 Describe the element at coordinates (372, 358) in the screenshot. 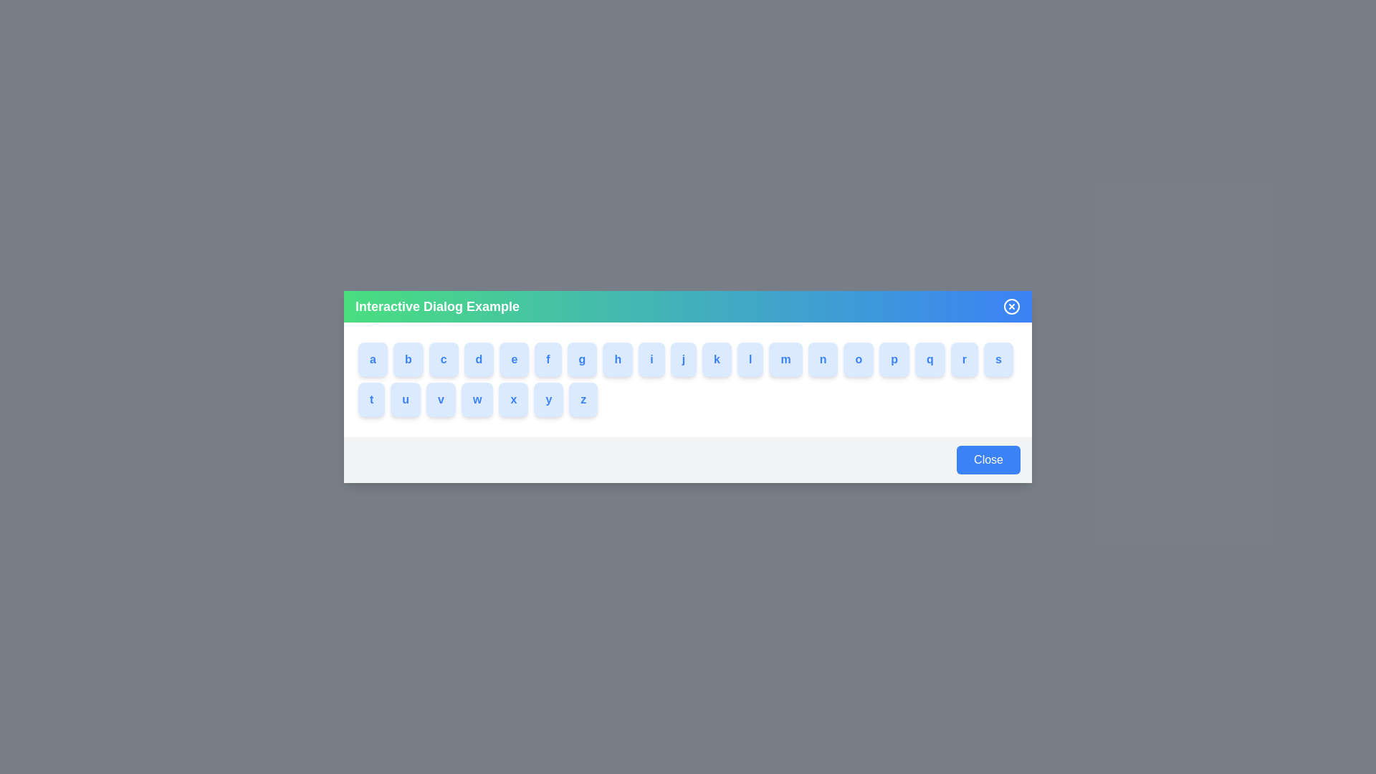

I see `the button labeled with a` at that location.